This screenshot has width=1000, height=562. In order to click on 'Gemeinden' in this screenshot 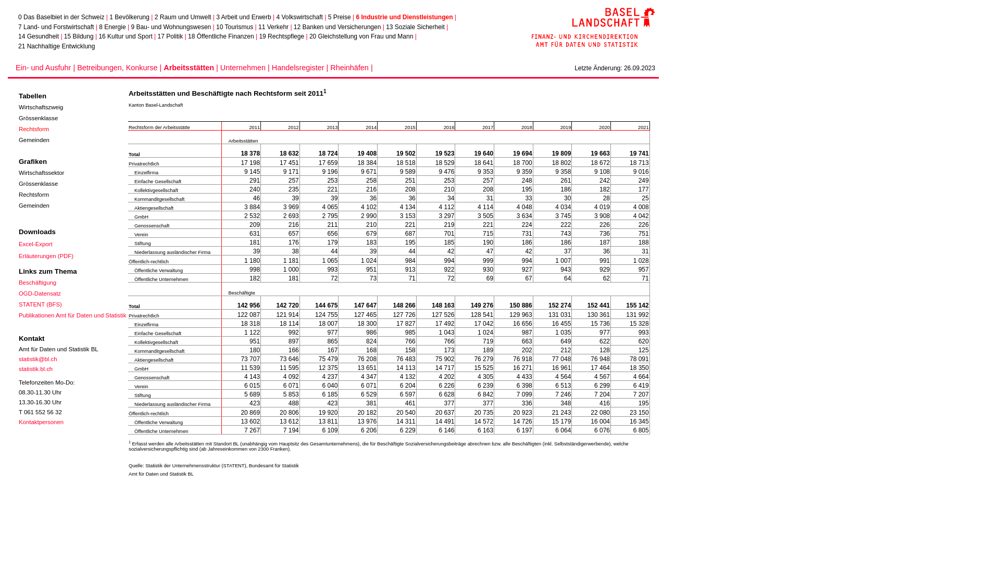, I will do `click(34, 205)`.